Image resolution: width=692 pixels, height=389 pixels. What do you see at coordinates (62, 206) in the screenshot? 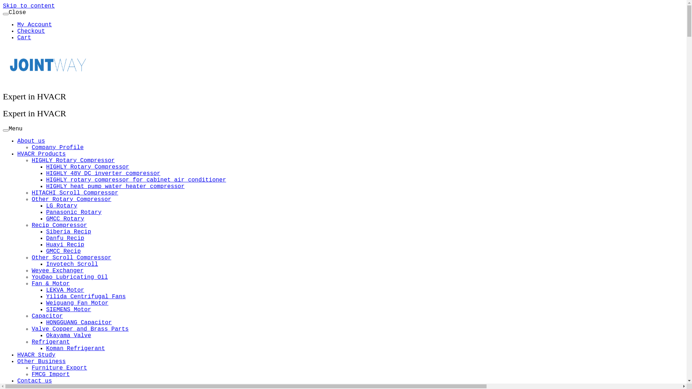
I see `'LG Rotary'` at bounding box center [62, 206].